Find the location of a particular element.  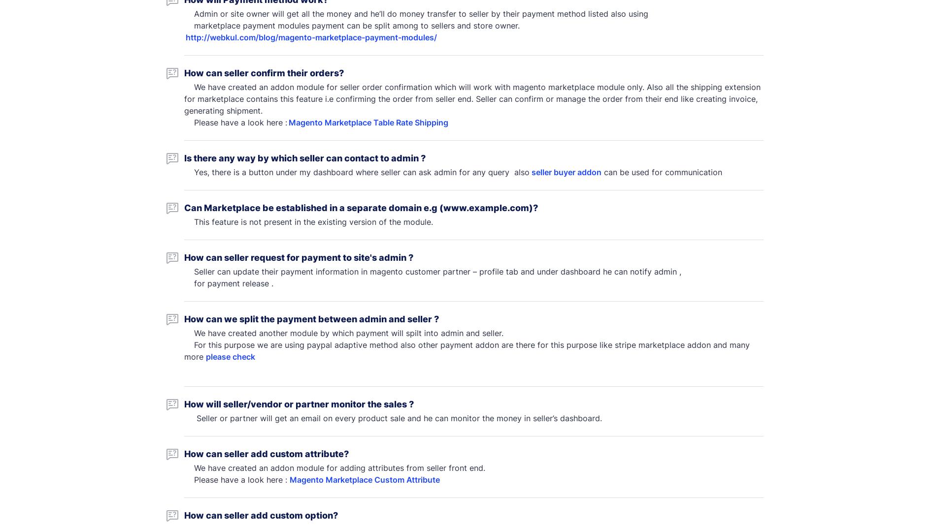

'We have created another module by which payment will spilt into admin and seller.' is located at coordinates (344, 332).